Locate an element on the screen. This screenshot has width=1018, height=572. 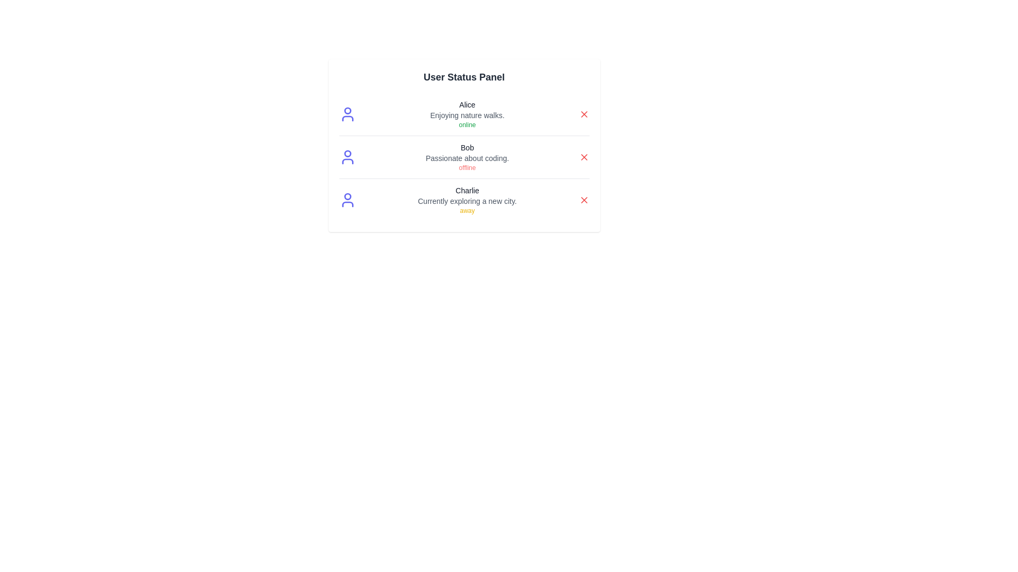
the red 'X' icon button located at the far-right side of Charlie's status in the user status panel to observe styling changes indicating interactivity is located at coordinates (583, 200).